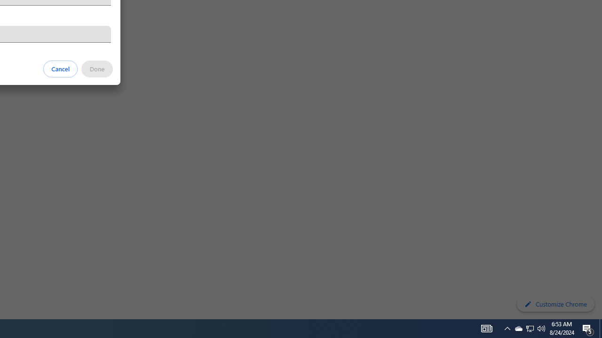 This screenshot has width=602, height=338. Describe the element at coordinates (97, 68) in the screenshot. I see `'Done'` at that location.